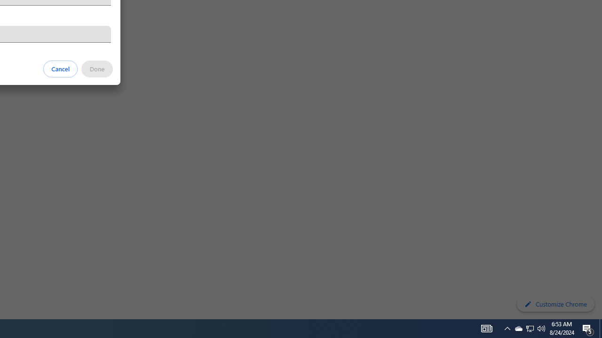 This screenshot has width=602, height=338. Describe the element at coordinates (97, 68) in the screenshot. I see `'Done'` at that location.